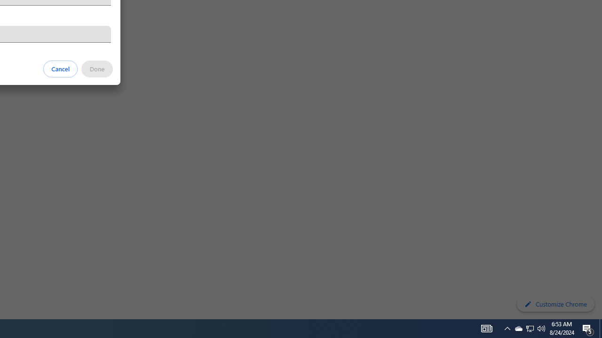 This screenshot has width=602, height=338. Describe the element at coordinates (97, 68) in the screenshot. I see `'Done'` at that location.